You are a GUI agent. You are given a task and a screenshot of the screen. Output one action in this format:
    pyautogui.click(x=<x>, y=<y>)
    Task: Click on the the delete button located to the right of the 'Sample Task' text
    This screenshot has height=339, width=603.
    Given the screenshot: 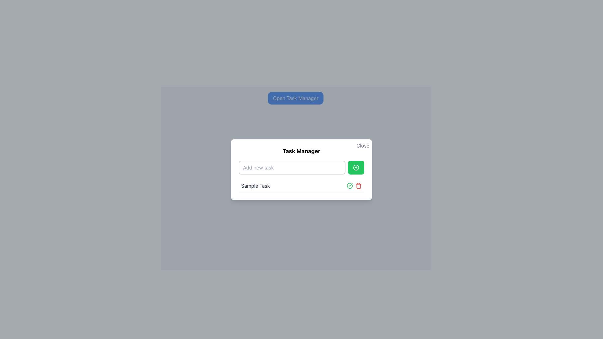 What is the action you would take?
    pyautogui.click(x=359, y=185)
    